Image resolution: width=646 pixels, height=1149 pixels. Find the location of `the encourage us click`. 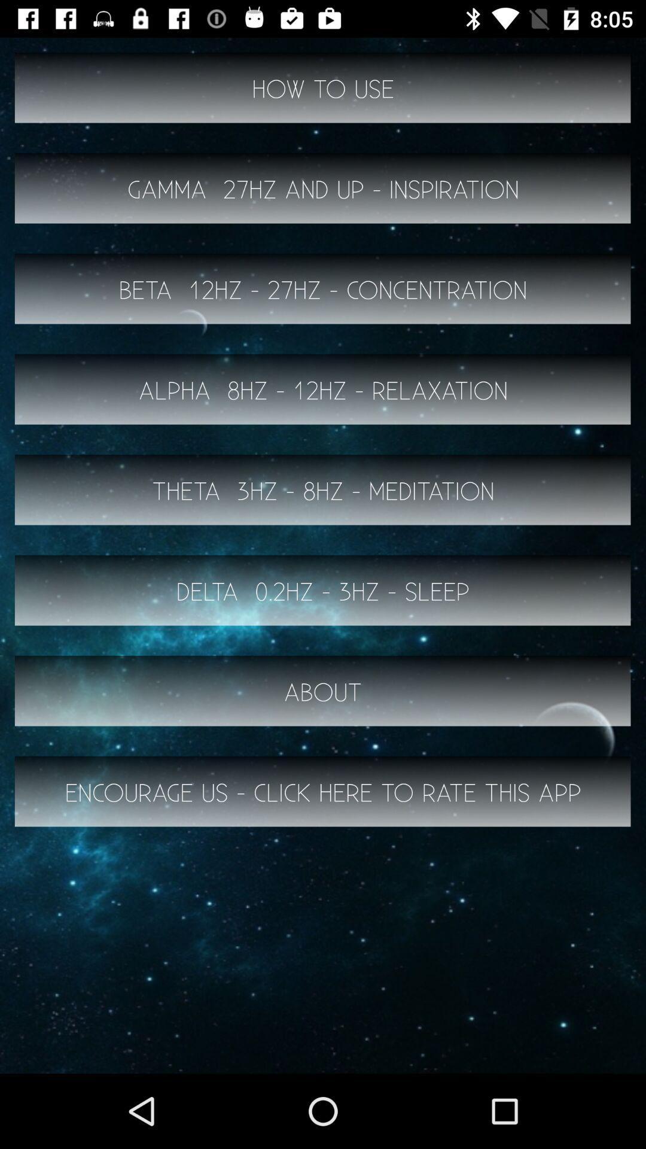

the encourage us click is located at coordinates (323, 792).